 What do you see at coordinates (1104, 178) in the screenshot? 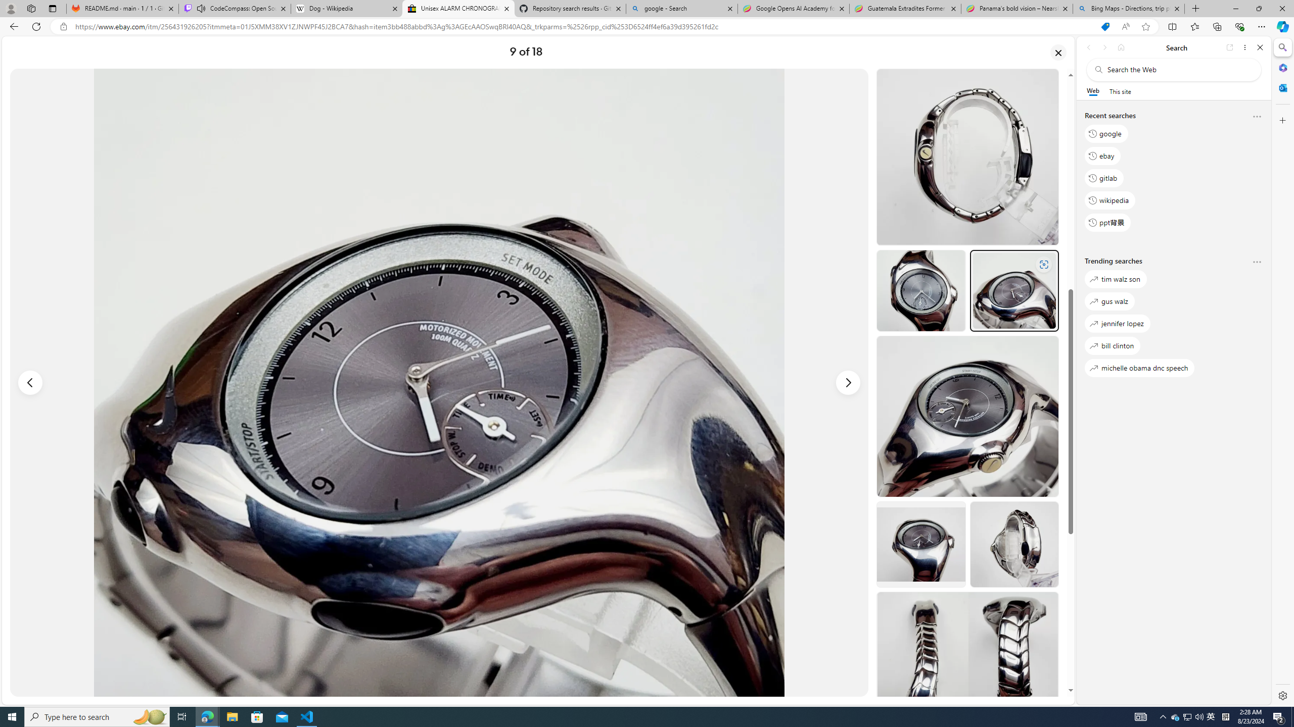
I see `'gitlab'` at bounding box center [1104, 178].